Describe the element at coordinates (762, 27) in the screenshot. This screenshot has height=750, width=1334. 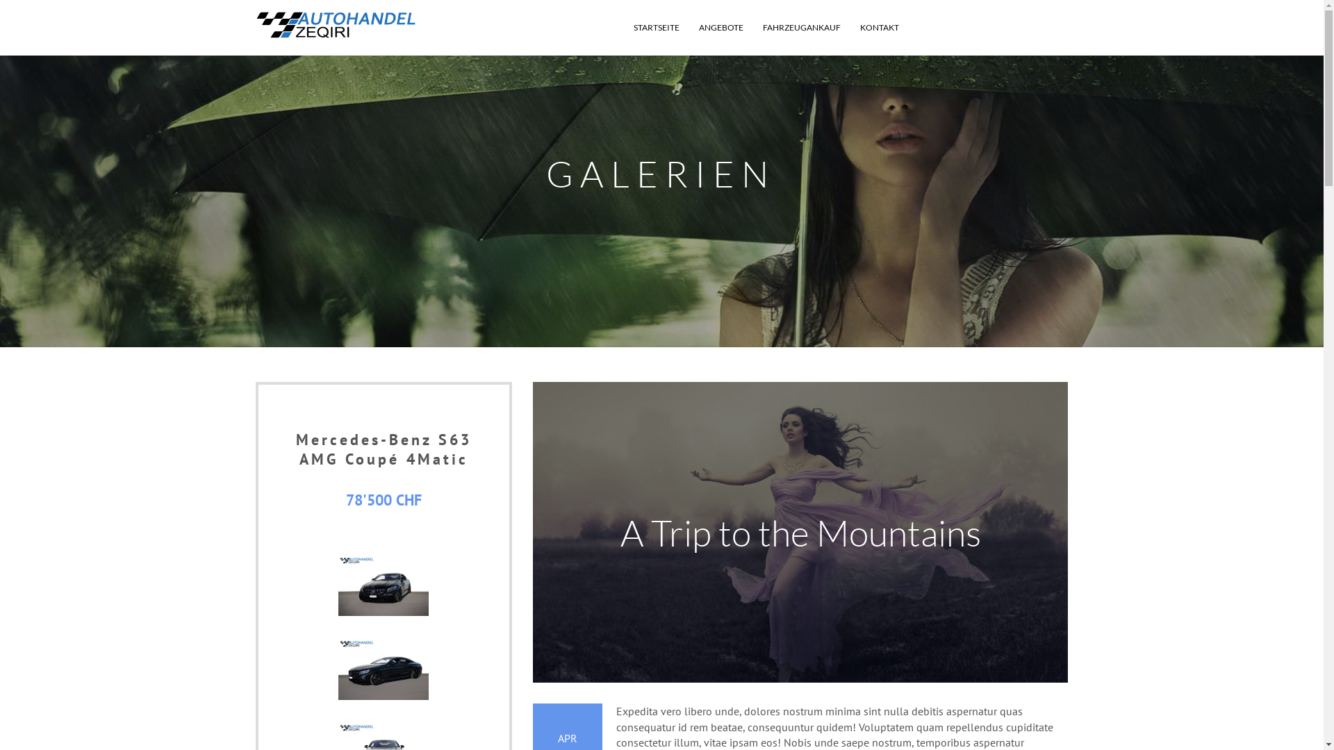
I see `'FAHRZEUGANKAUF'` at that location.